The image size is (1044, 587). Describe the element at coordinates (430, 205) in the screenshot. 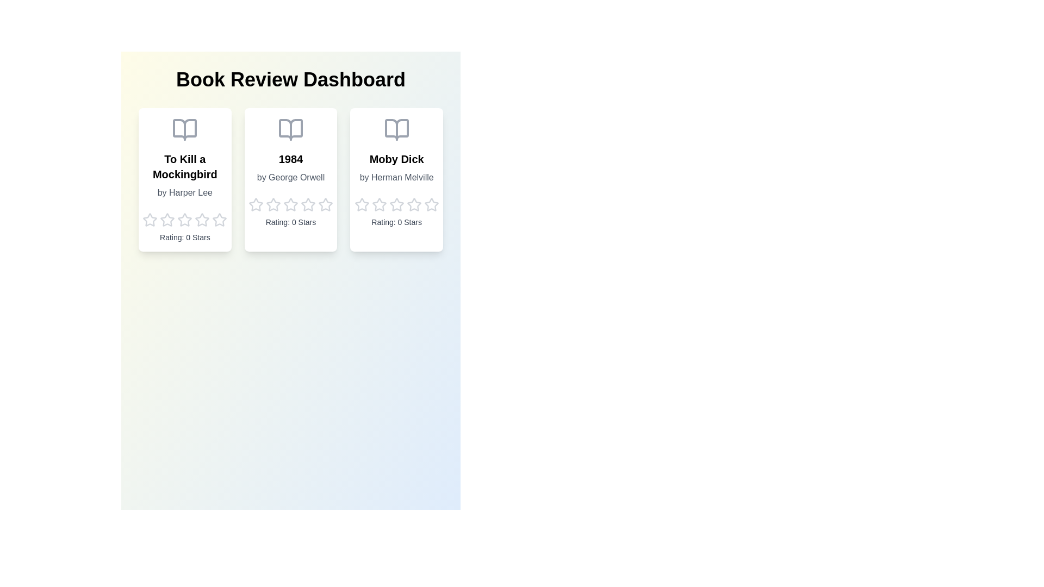

I see `the star icon corresponding to the rating 5 for the book 3` at that location.